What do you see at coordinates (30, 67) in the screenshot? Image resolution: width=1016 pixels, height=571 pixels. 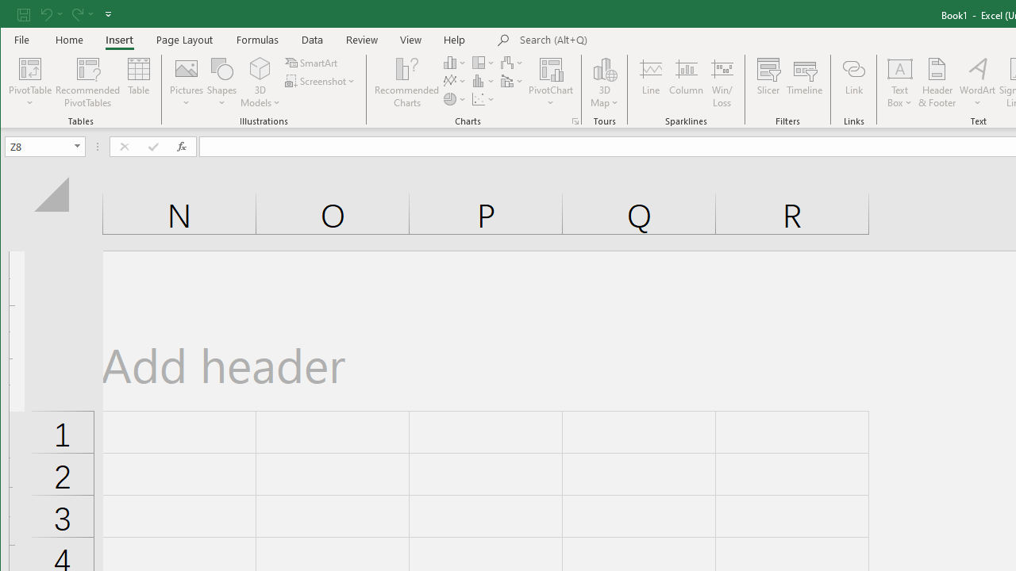 I see `'PivotTable'` at bounding box center [30, 67].